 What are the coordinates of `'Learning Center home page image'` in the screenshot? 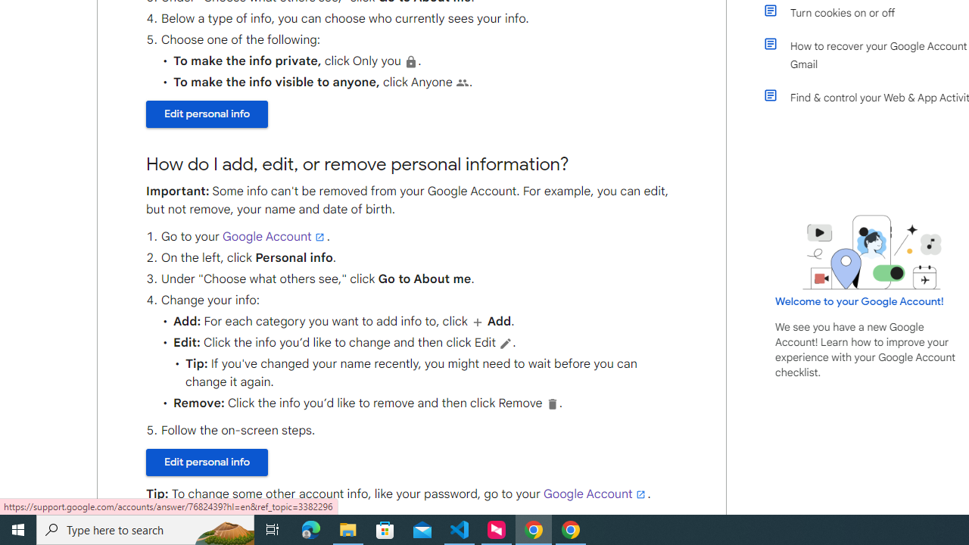 It's located at (872, 251).